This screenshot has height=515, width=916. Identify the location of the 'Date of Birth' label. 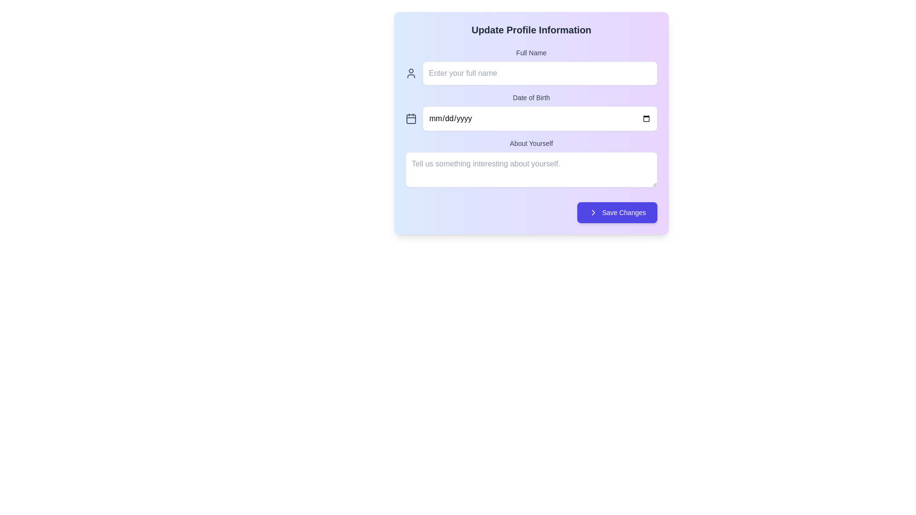
(531, 97).